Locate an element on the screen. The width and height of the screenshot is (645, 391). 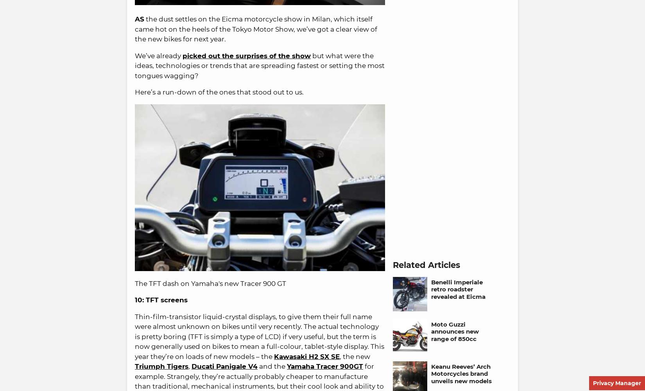
',' is located at coordinates (189, 366).